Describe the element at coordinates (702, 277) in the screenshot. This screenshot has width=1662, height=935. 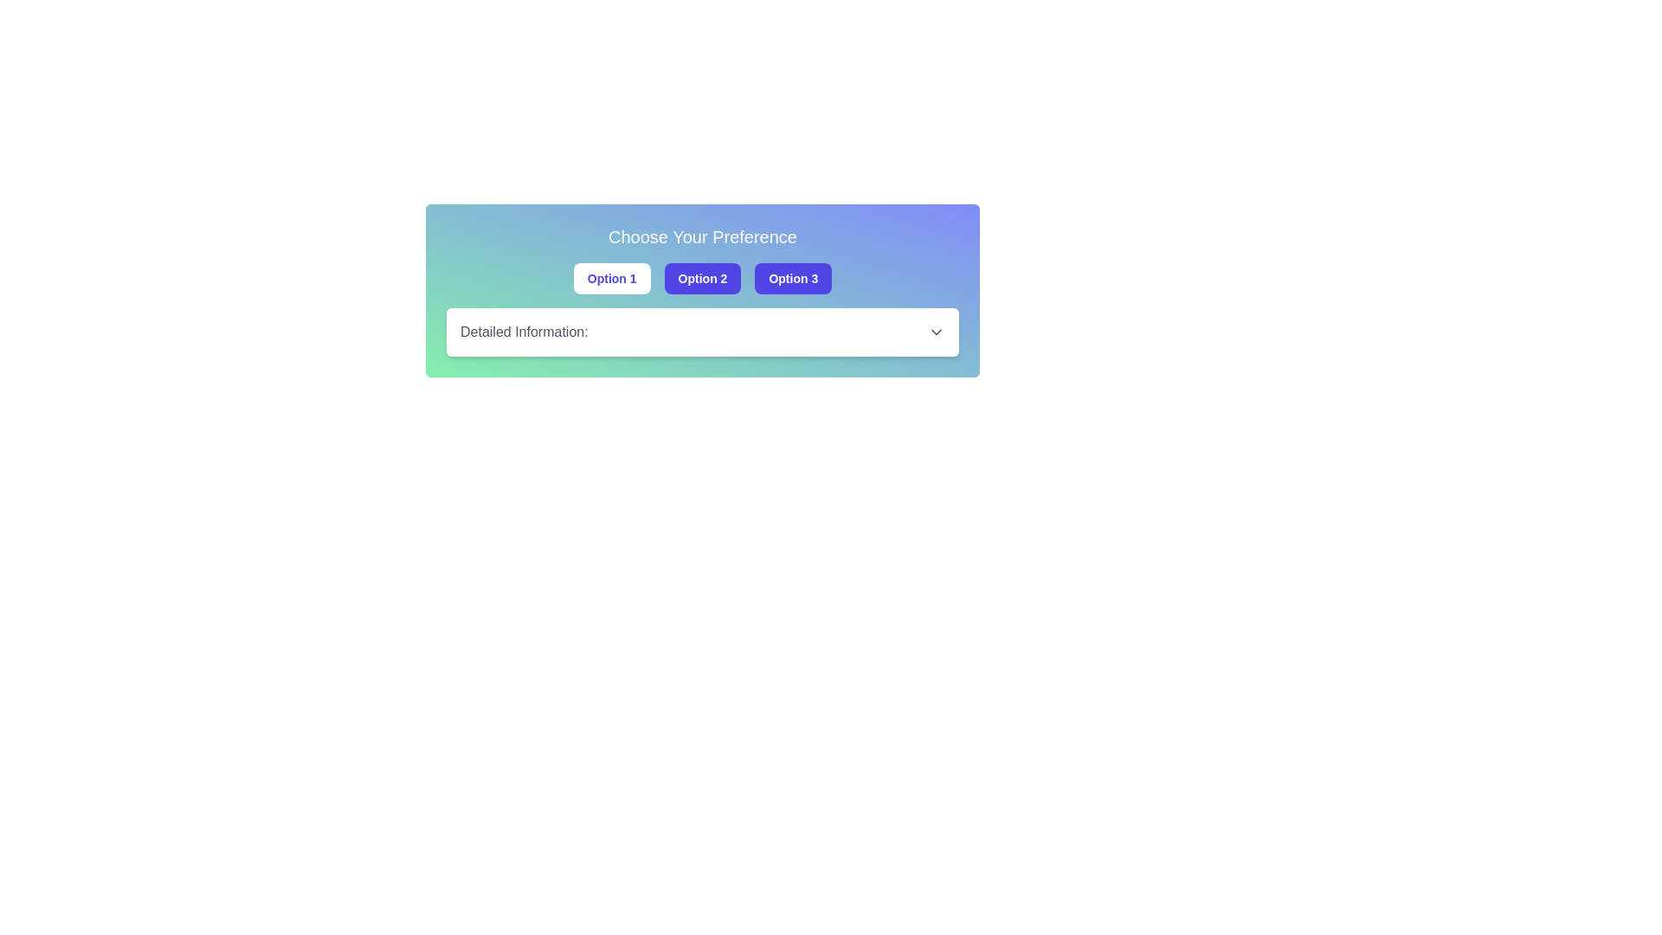
I see `the 'Option 2' button in the horizontally aligned group of three selectable buttons, which has a dark blue background with white text` at that location.